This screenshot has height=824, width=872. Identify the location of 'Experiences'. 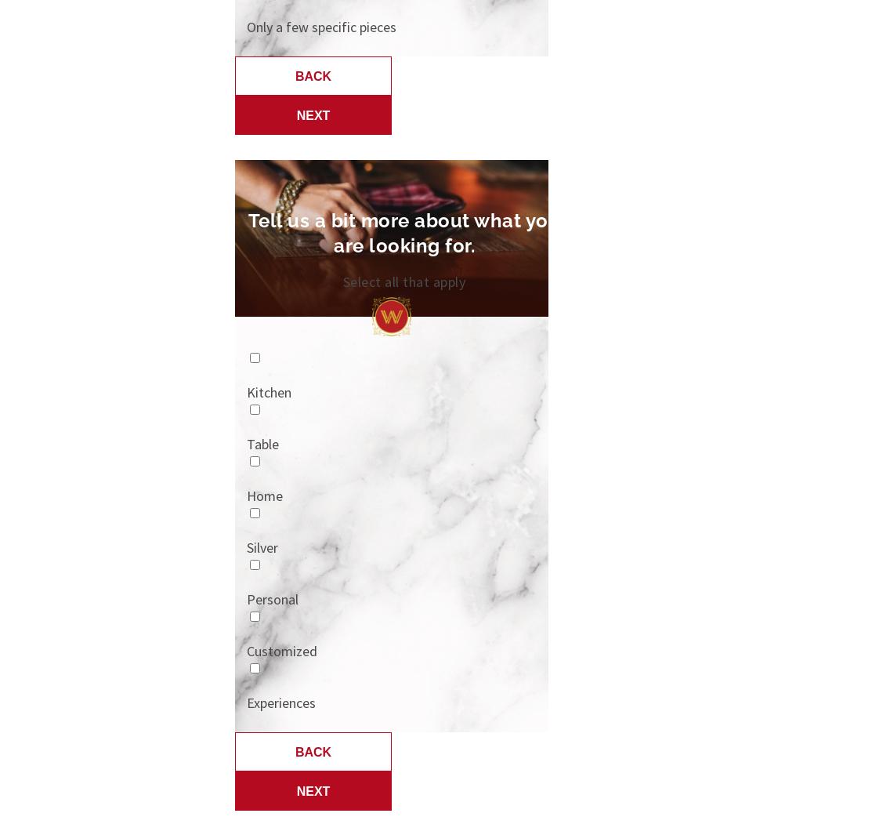
(281, 702).